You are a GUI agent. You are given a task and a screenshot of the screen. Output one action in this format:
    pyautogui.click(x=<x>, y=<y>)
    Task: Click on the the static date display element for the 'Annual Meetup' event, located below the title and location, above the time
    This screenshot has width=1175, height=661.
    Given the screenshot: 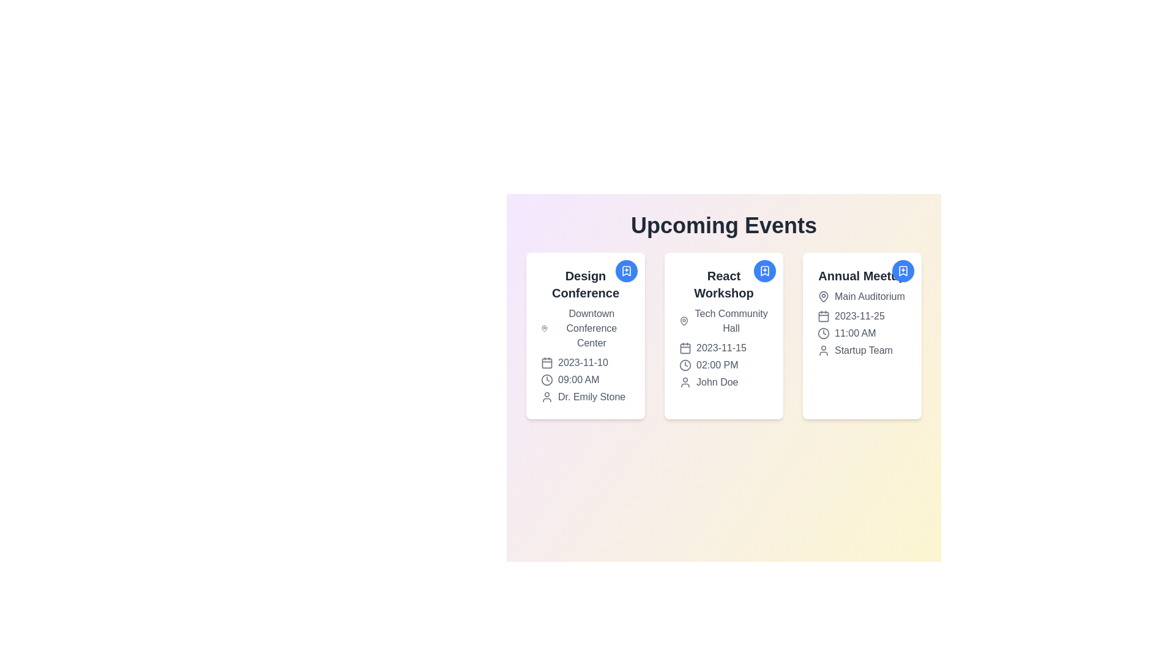 What is the action you would take?
    pyautogui.click(x=862, y=315)
    